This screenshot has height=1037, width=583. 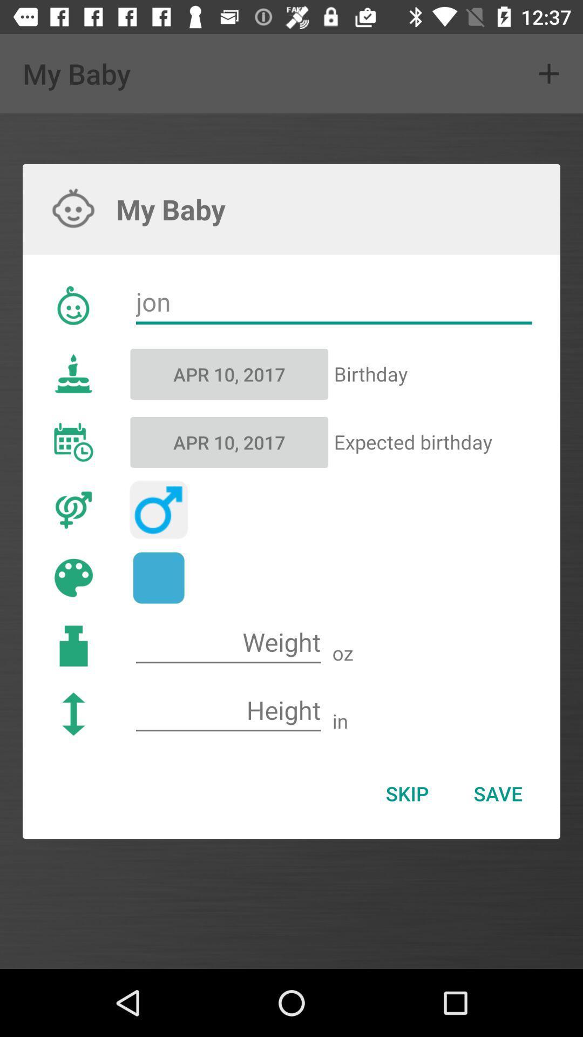 What do you see at coordinates (333, 302) in the screenshot?
I see `the icon above the birthday` at bounding box center [333, 302].